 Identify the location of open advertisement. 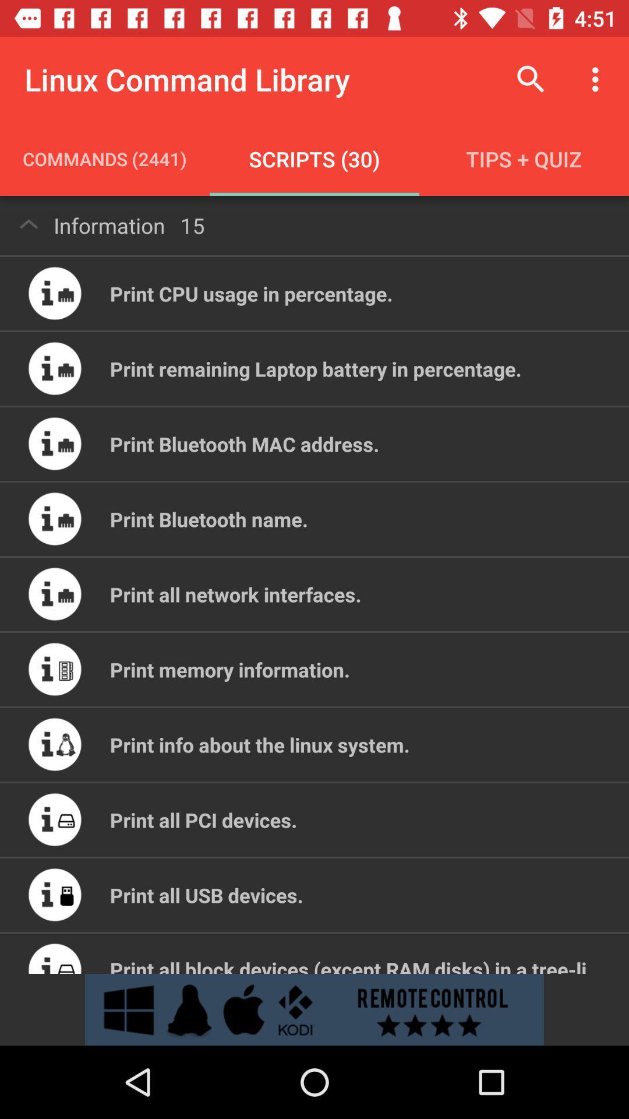
(314, 1009).